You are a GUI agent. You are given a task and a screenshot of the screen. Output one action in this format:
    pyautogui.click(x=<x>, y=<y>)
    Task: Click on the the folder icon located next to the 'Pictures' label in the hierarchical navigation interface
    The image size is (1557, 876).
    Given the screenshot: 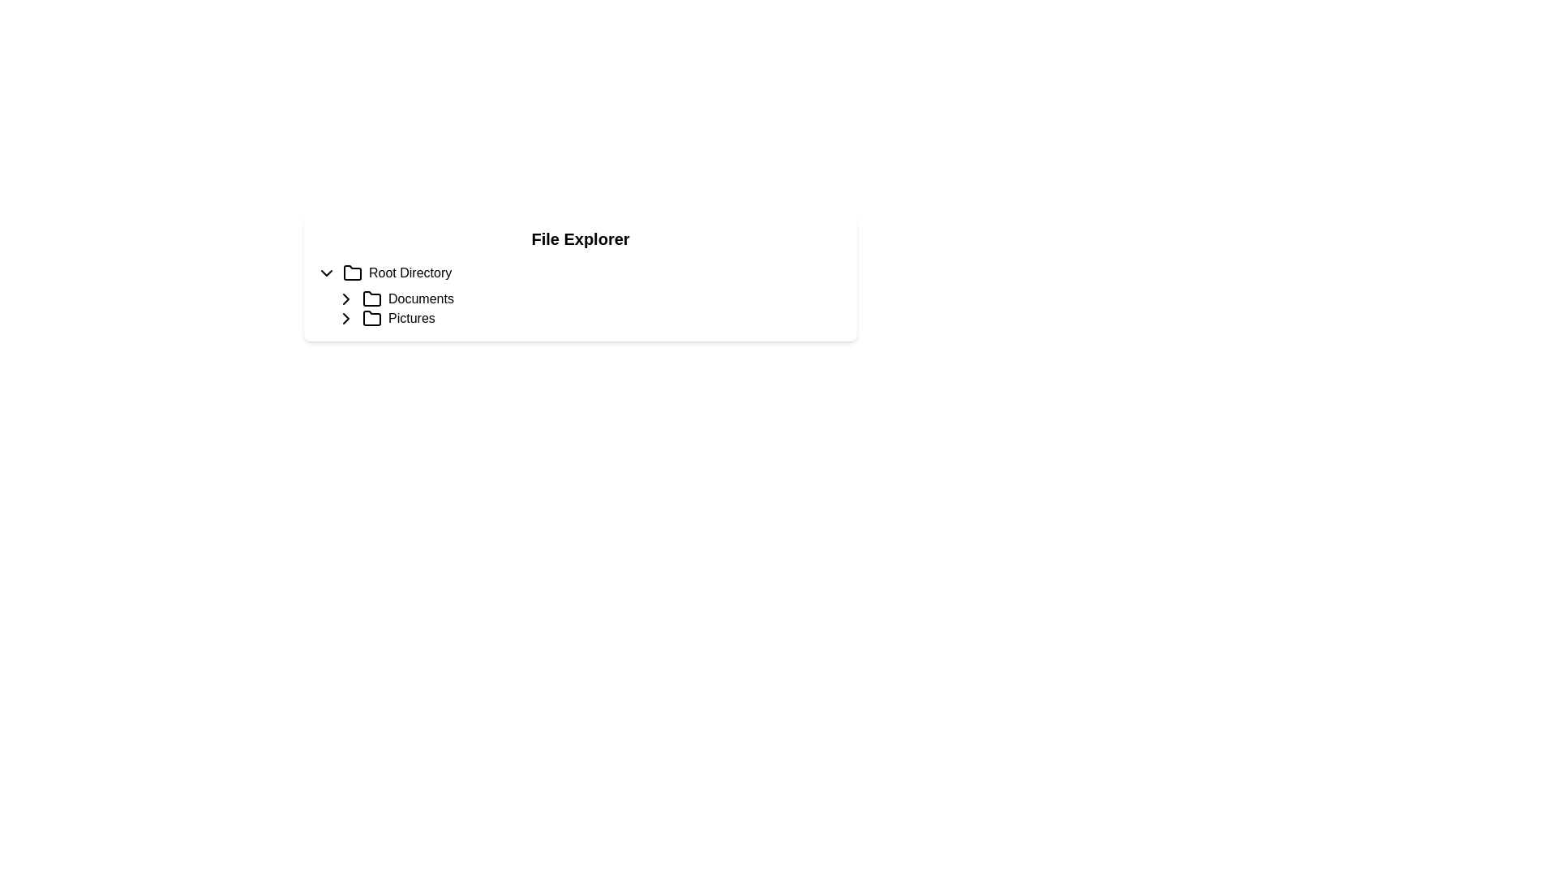 What is the action you would take?
    pyautogui.click(x=371, y=318)
    